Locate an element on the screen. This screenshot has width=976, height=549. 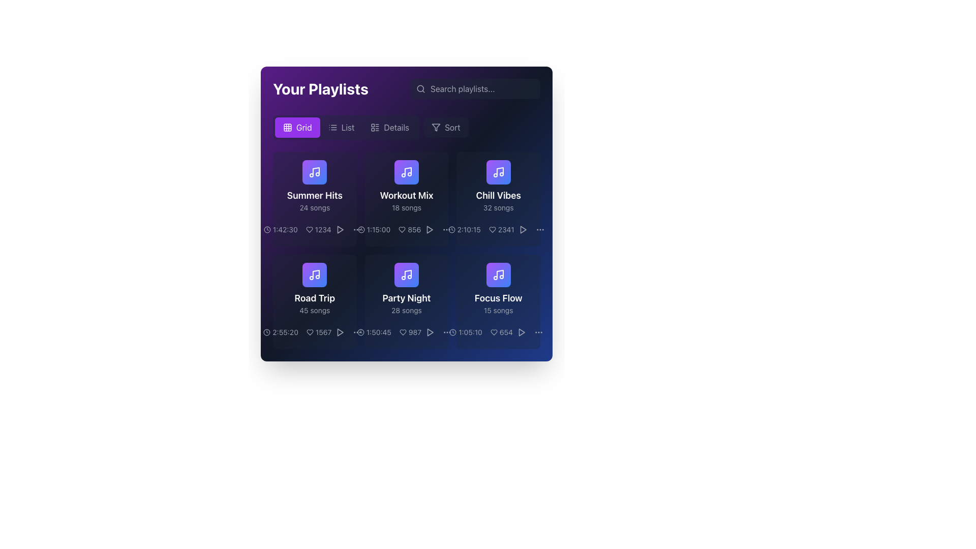
the heart-shaped outline icon located to the left of the number '856' in the 'Workout Mix' card is located at coordinates (402, 229).